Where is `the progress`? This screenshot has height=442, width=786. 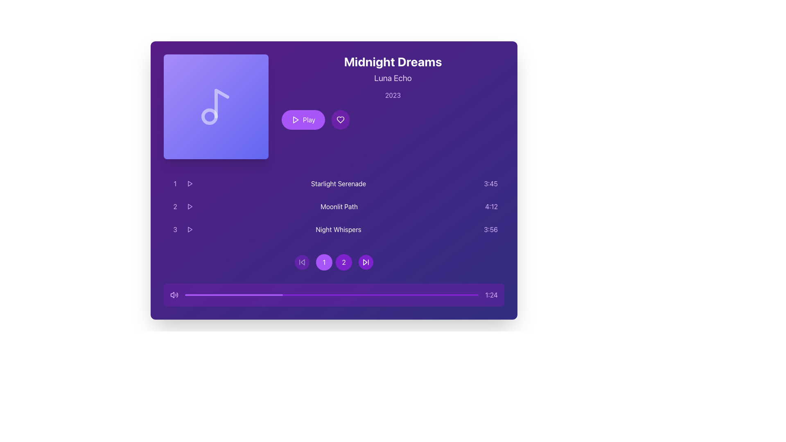 the progress is located at coordinates (201, 295).